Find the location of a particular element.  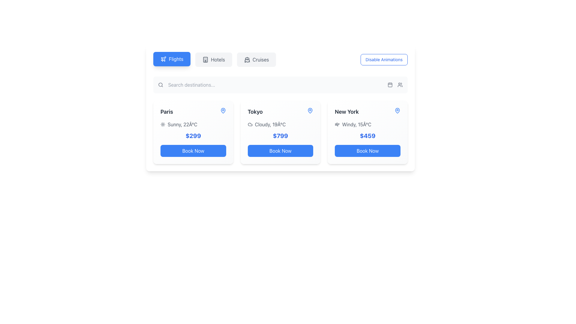

the icon representing the location 'Paris' on the map, which is positioned to the right of the text 'Paris' is located at coordinates (223, 111).